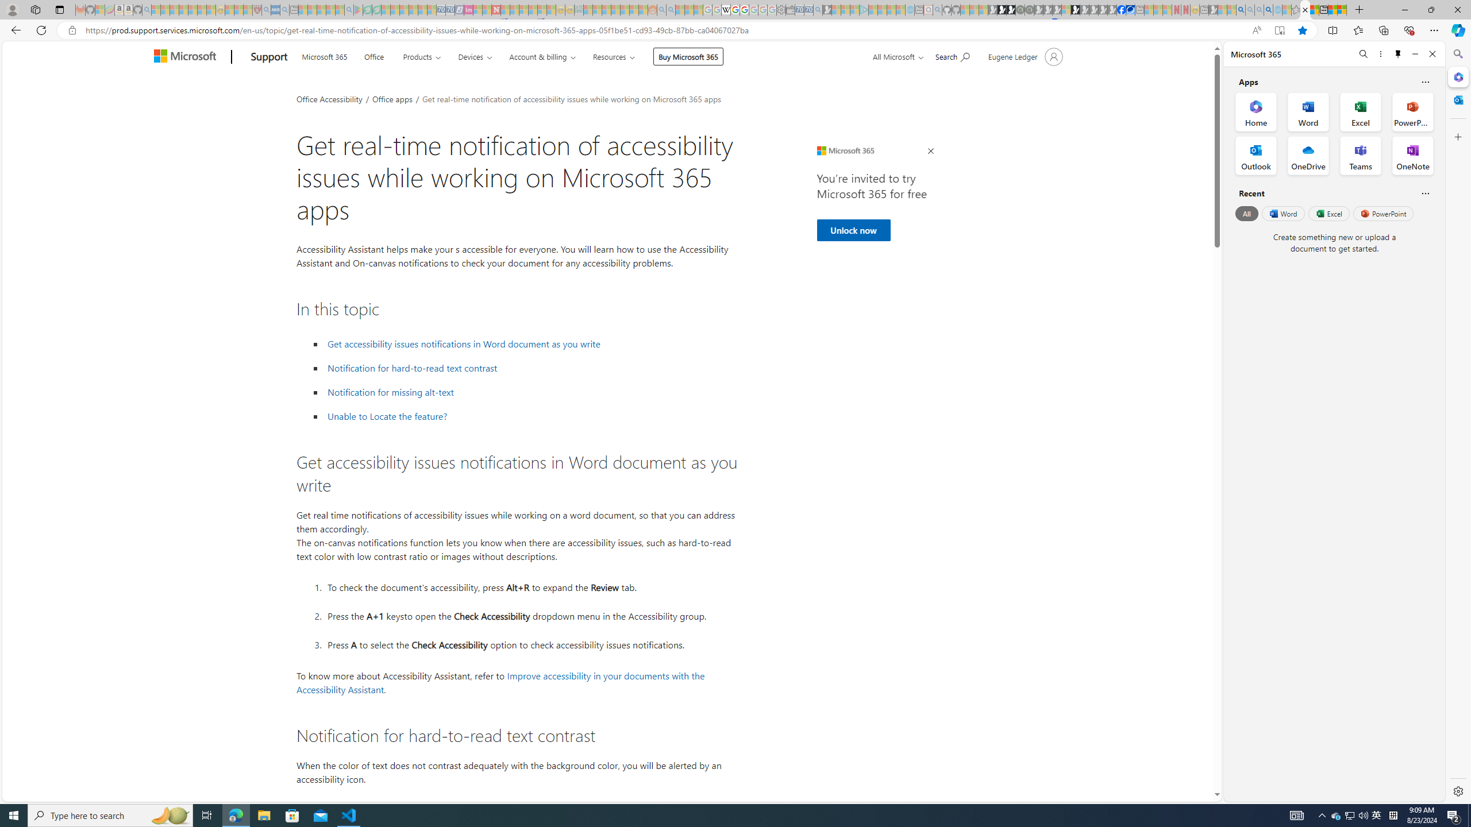 Image resolution: width=1471 pixels, height=827 pixels. I want to click on 'Account manager for Eugene Ledger', so click(1024, 56).